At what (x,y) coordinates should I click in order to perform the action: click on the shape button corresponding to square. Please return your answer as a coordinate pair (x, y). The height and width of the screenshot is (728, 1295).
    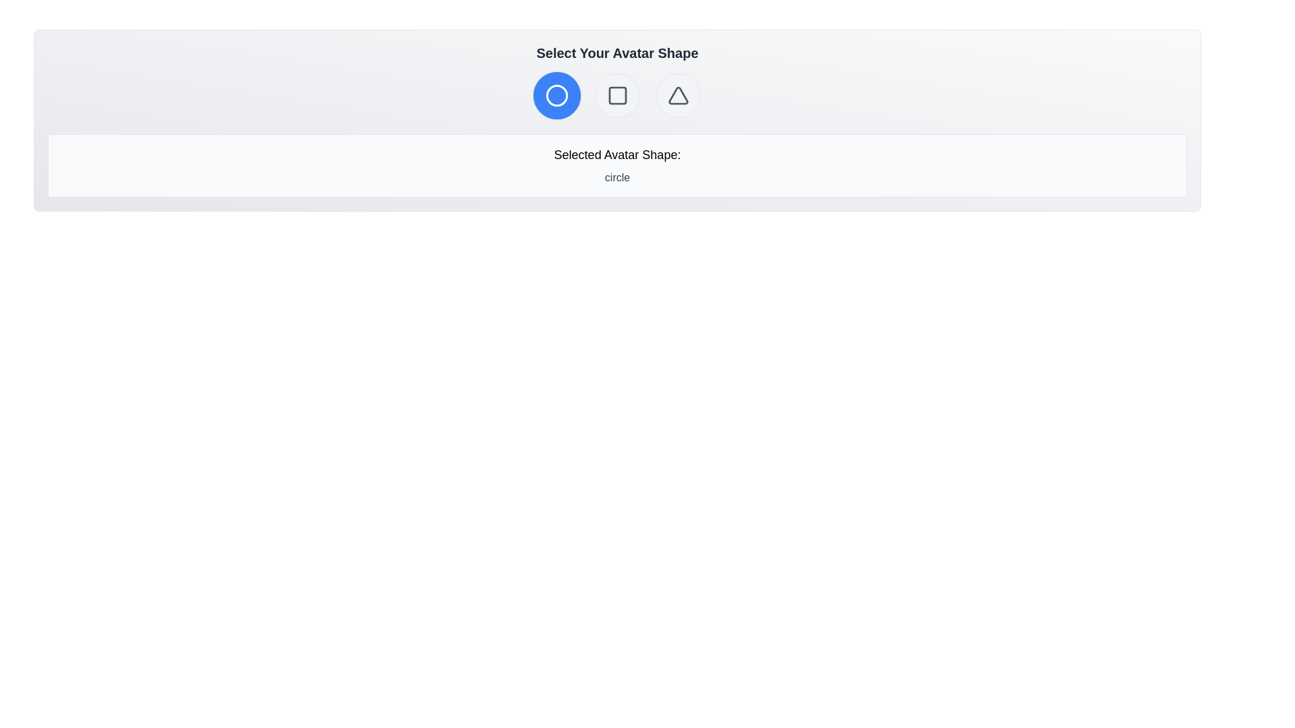
    Looking at the image, I should click on (616, 95).